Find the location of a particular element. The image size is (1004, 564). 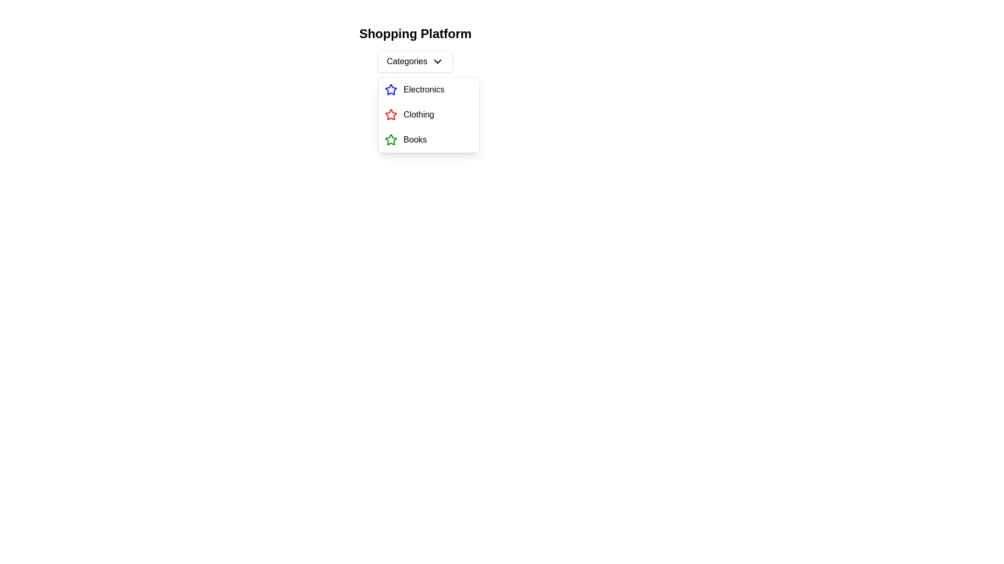

the star-shaped icon with a blue outline located next to the 'Electronics' label in the second position of the dropdown menu under the 'Categories' header to interact with the menu item is located at coordinates (390, 89).